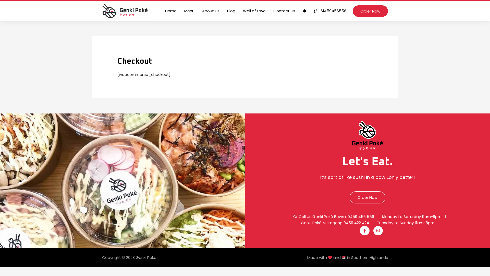  I want to click on 'Menu', so click(189, 11).